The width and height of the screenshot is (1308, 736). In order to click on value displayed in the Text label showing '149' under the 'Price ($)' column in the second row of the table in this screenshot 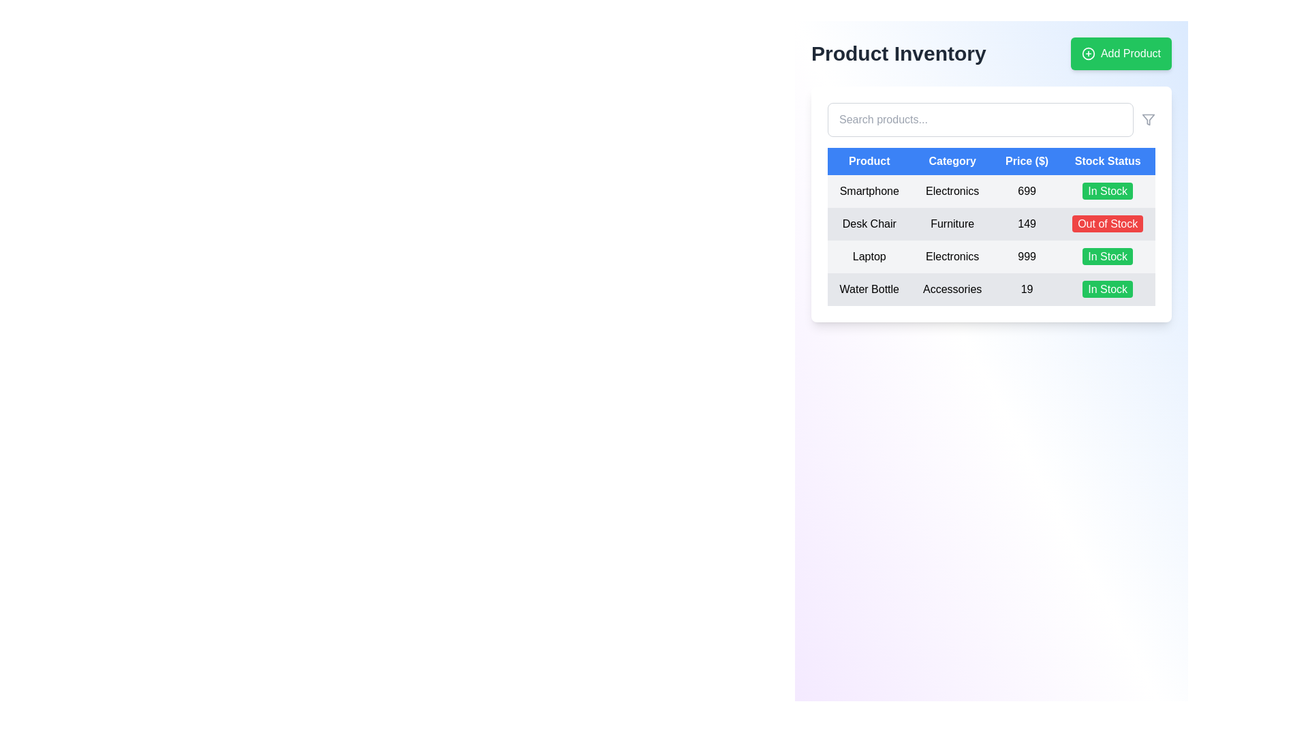, I will do `click(1027, 223)`.